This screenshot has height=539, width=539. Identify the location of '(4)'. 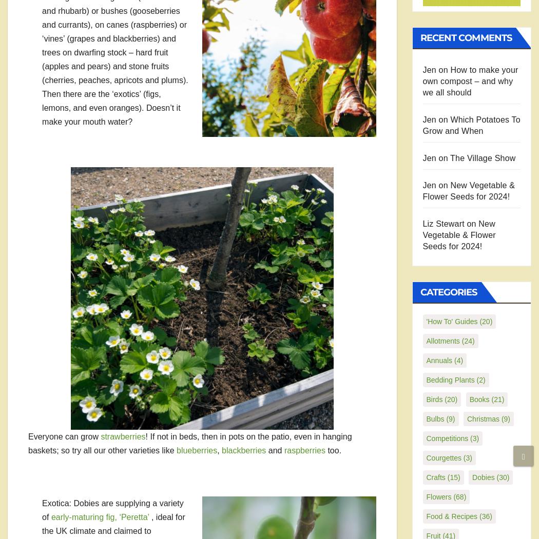
(451, 360).